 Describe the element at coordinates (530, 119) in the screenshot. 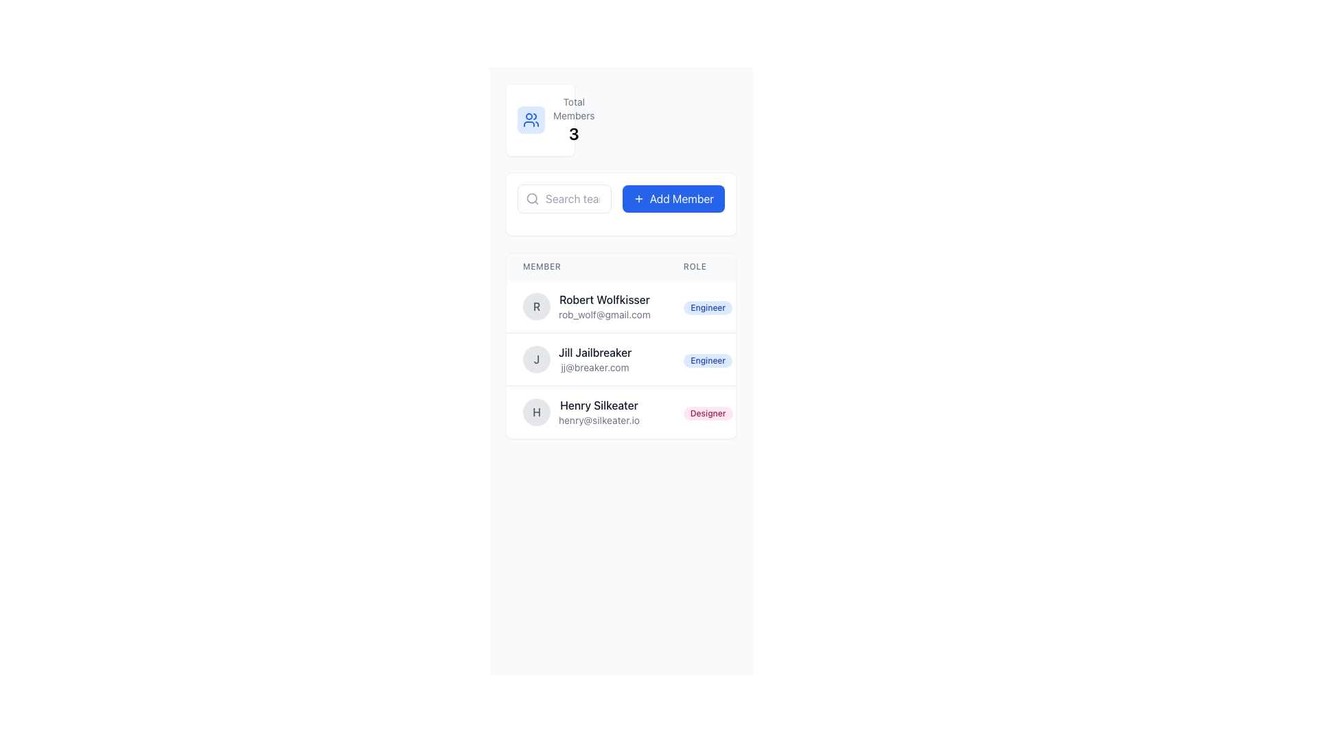

I see `the group members icon located in the top-left section of the interface, adjacent to the 'Total Members' label, within a light blue rounded rectangle` at that location.